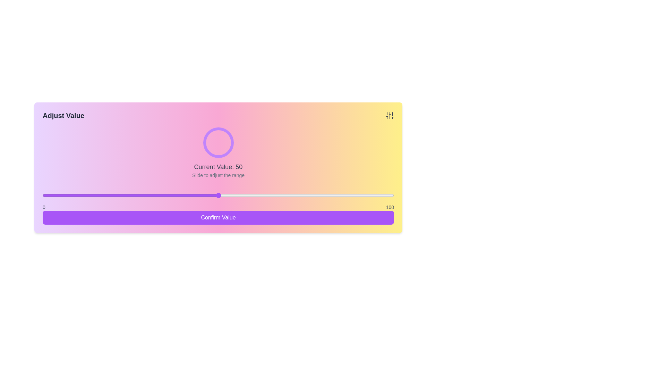 The image size is (666, 375). What do you see at coordinates (313, 195) in the screenshot?
I see `the slider to set the value to 77` at bounding box center [313, 195].